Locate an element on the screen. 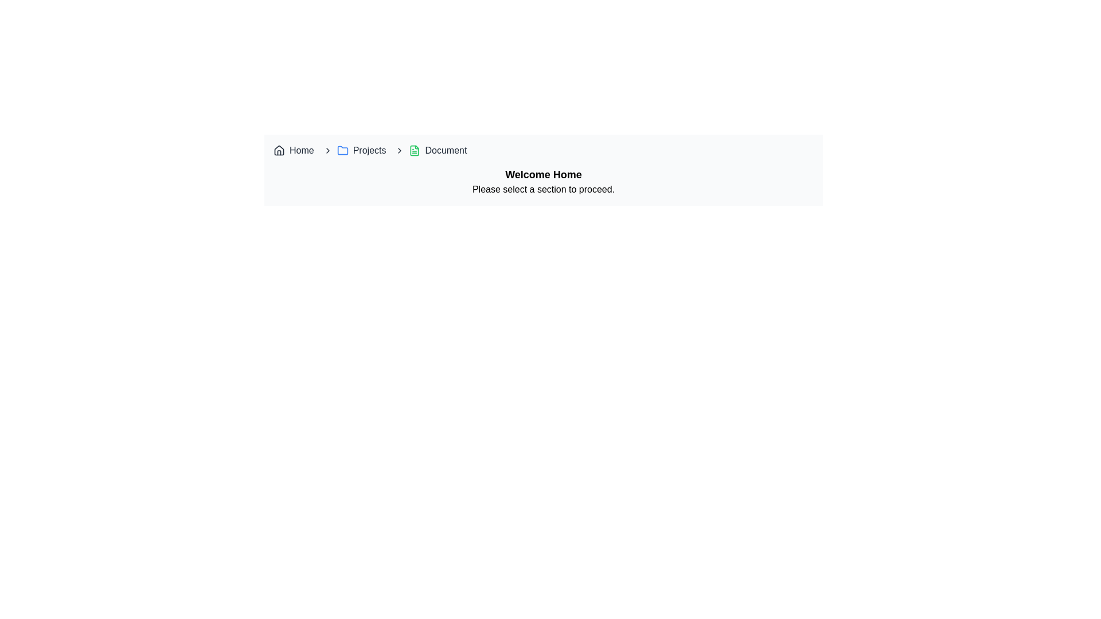 The image size is (1101, 619). the chevron icon in the breadcrumb navigation bar, which is the second item after 'Home' and before the 'Projects' folder icon, to indicate a transition between navigation levels is located at coordinates (327, 150).